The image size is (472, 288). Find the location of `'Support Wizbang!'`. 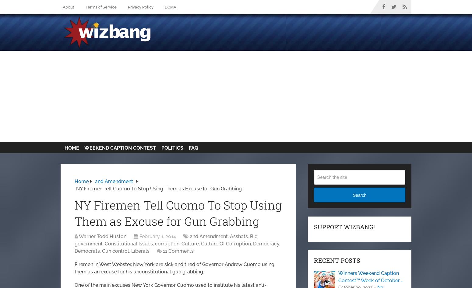

'Support Wizbang!' is located at coordinates (344, 227).